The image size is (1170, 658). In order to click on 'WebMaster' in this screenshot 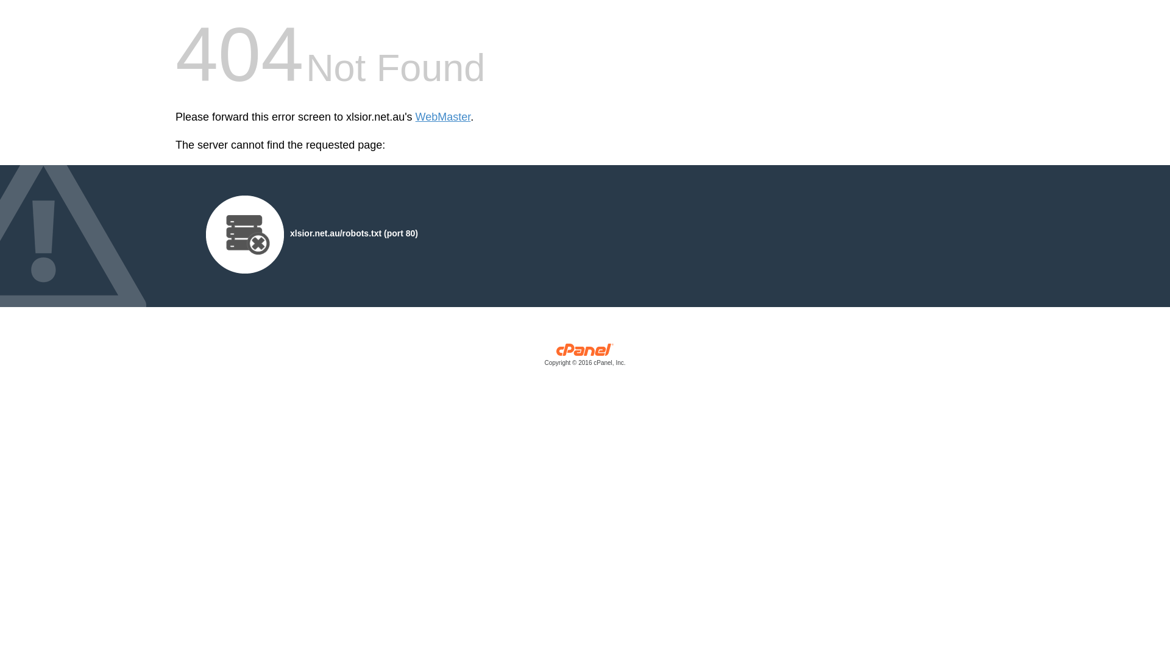, I will do `click(415, 117)`.